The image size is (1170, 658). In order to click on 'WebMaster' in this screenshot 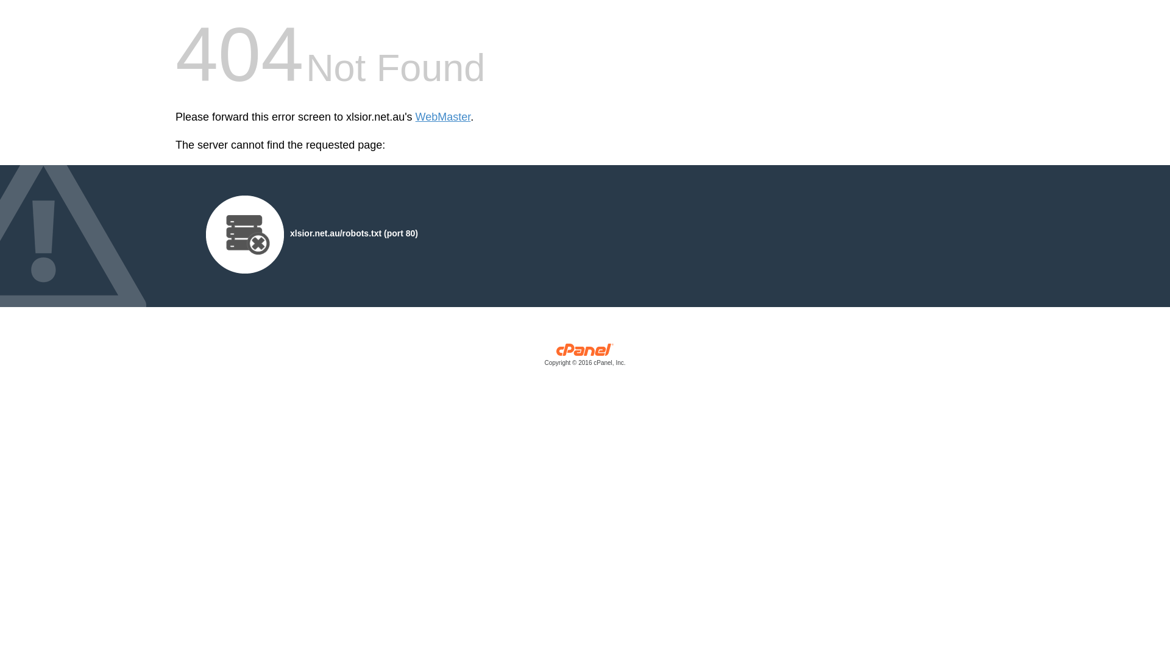, I will do `click(415, 117)`.